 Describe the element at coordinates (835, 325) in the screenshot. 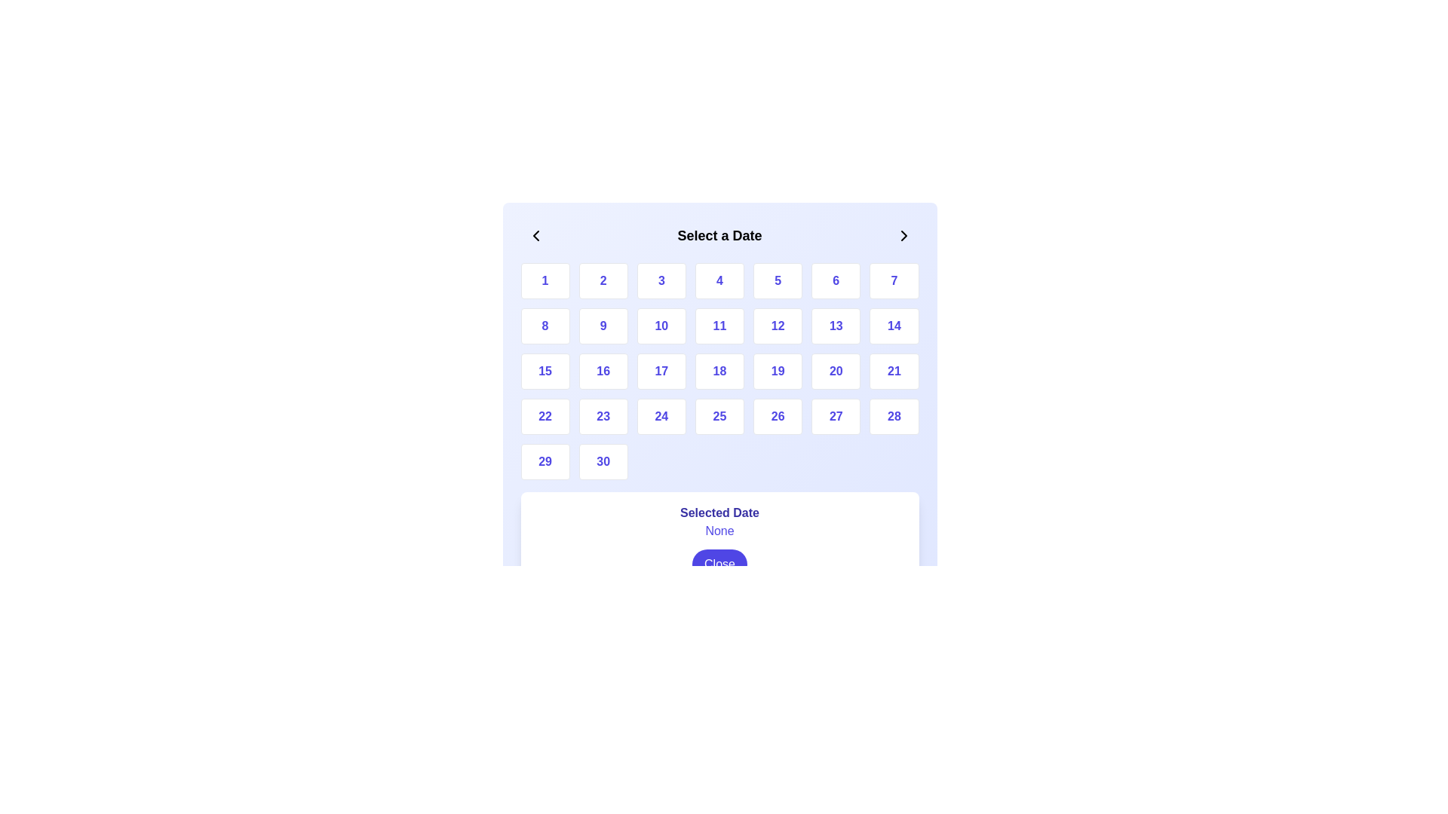

I see `the square button displaying the number '13' in bold indigo font, located in the second row and sixth column of the grid layout` at that location.